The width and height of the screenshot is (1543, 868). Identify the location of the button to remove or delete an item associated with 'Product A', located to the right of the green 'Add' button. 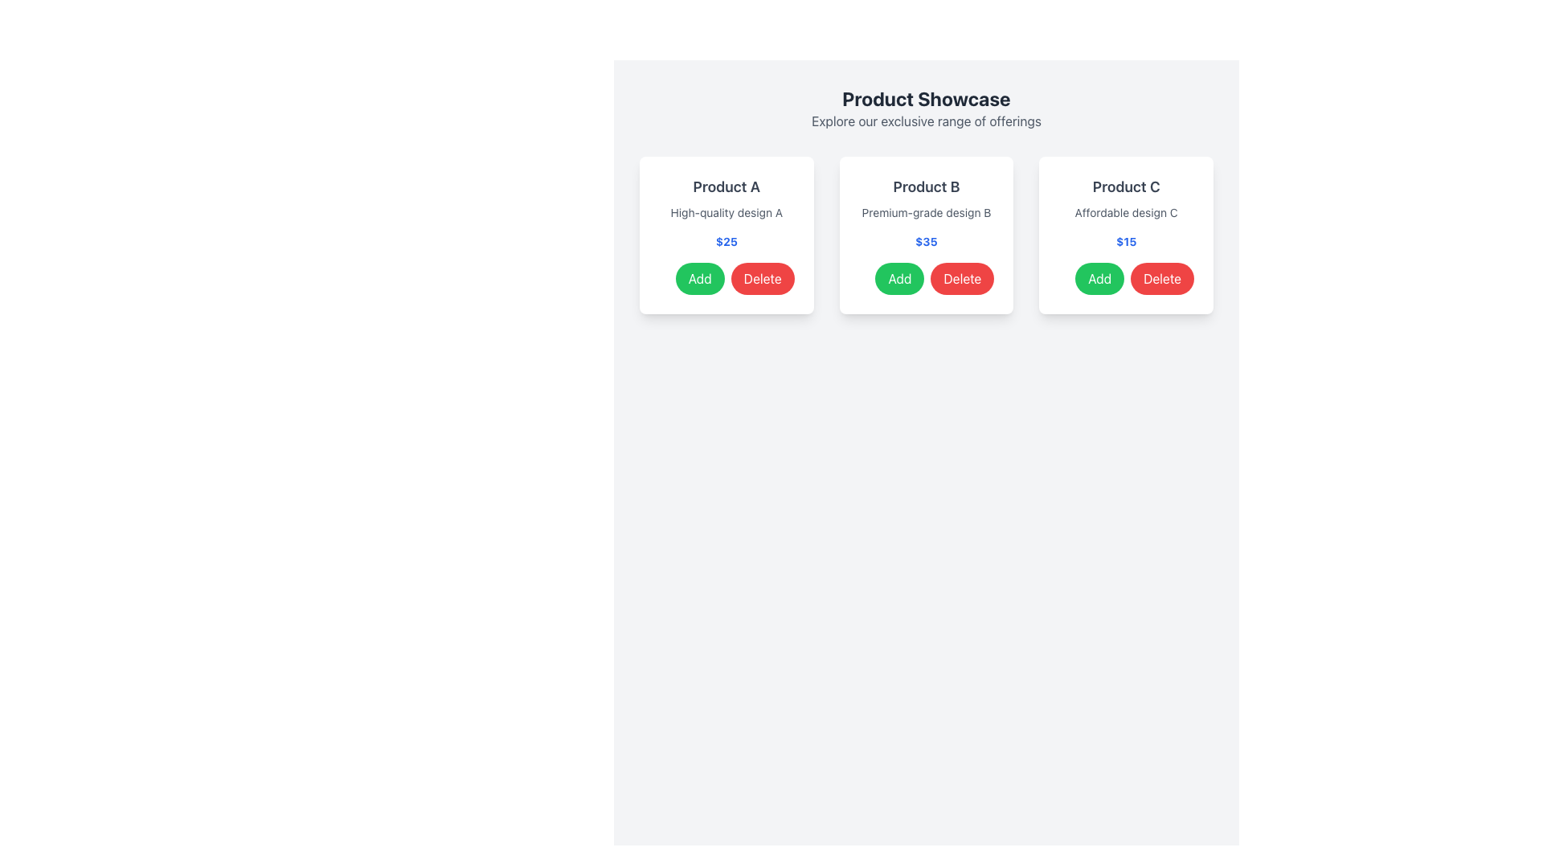
(762, 278).